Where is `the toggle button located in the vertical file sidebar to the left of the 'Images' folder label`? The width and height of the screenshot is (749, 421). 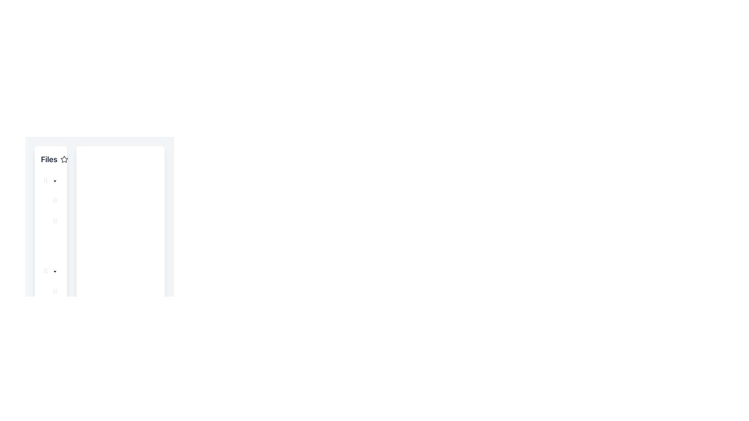 the toggle button located in the vertical file sidebar to the left of the 'Images' folder label is located at coordinates (54, 275).